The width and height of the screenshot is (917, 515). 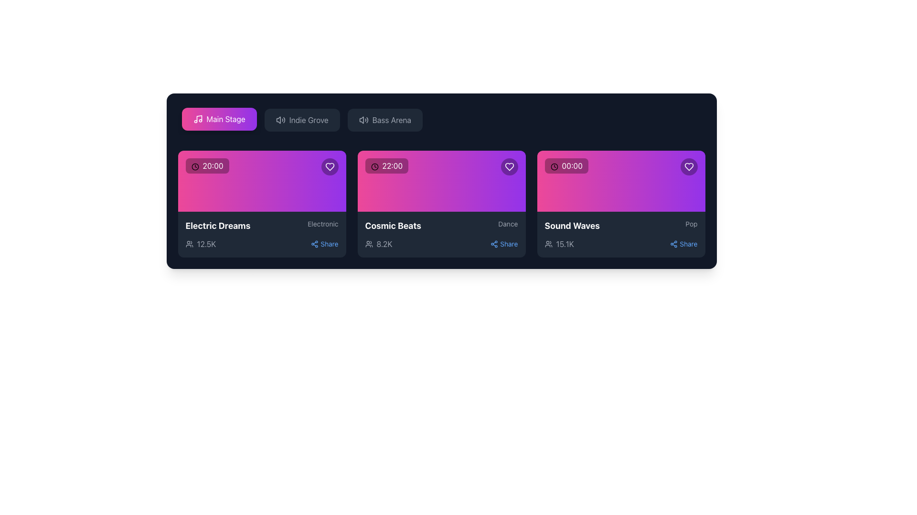 What do you see at coordinates (330, 166) in the screenshot?
I see `the heart-shaped icon in the upper-right corner of the 'Electric Dreams' card` at bounding box center [330, 166].